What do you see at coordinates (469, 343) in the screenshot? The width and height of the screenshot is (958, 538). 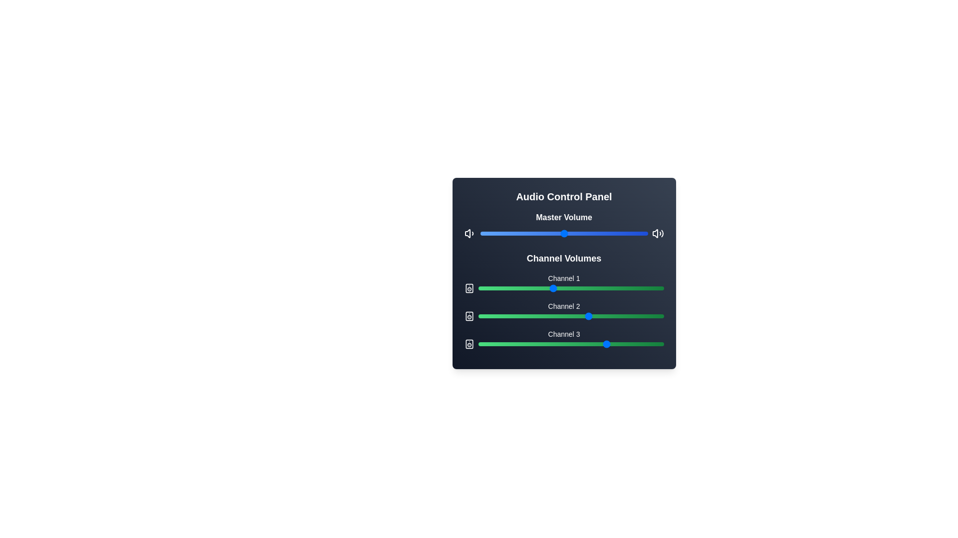 I see `the rectangular base of the speaker icon, which has a black background and is located to the left of the 'Channel 3' label and volume slider in the control panel interface` at bounding box center [469, 343].